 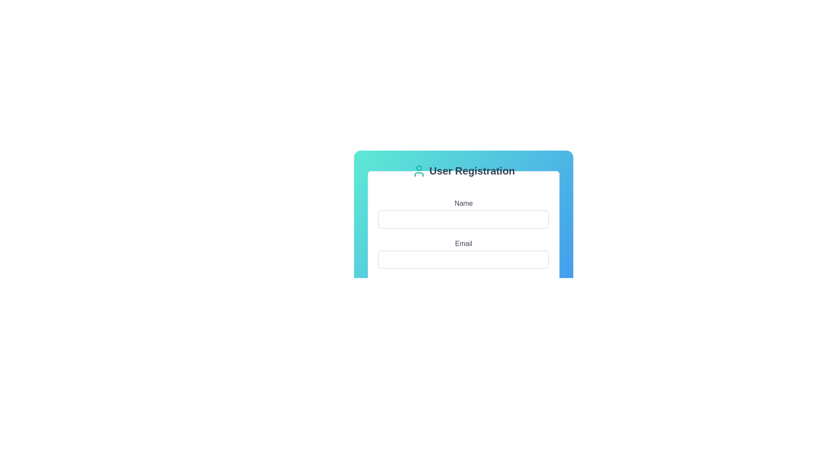 What do you see at coordinates (463, 244) in the screenshot?
I see `the label for the email input field` at bounding box center [463, 244].